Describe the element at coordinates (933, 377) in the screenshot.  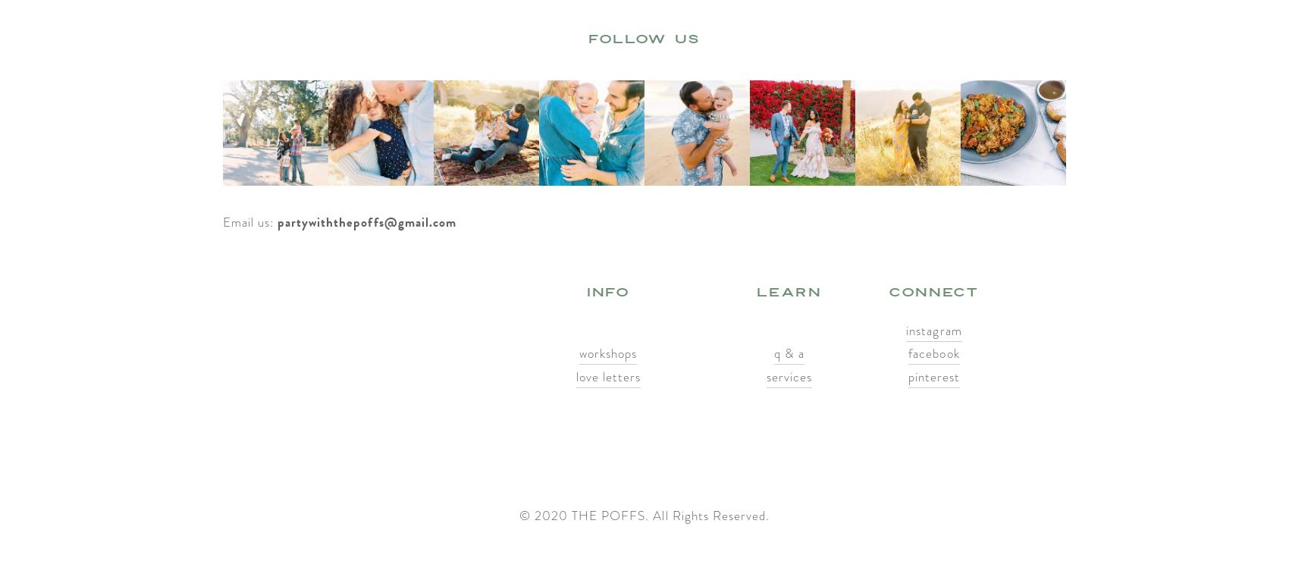
I see `'pinterest'` at that location.